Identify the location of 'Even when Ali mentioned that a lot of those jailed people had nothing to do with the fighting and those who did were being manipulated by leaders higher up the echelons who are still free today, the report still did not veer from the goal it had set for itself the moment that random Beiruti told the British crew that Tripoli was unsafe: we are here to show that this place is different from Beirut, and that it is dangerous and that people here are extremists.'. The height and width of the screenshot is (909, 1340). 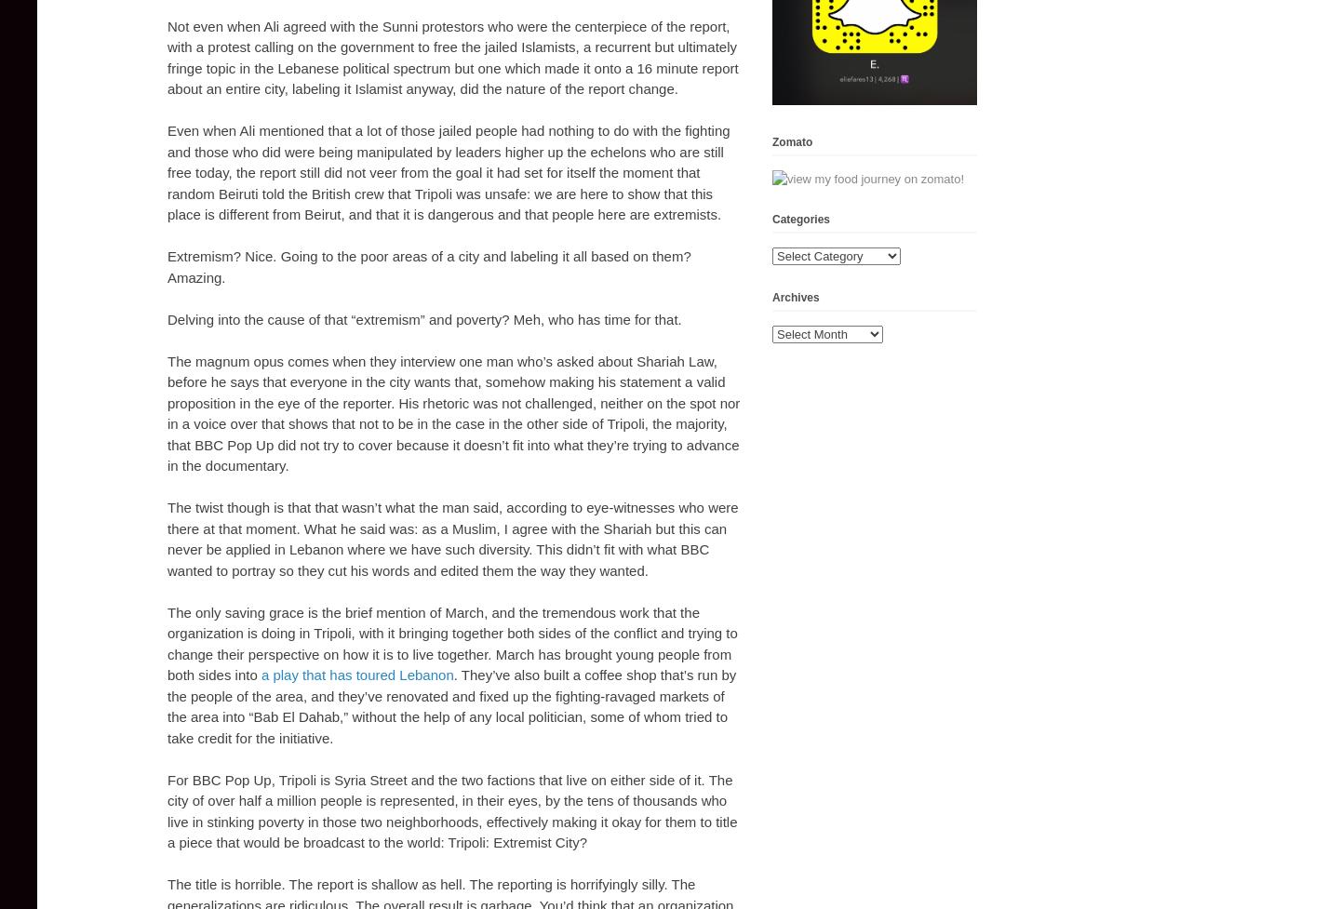
(447, 171).